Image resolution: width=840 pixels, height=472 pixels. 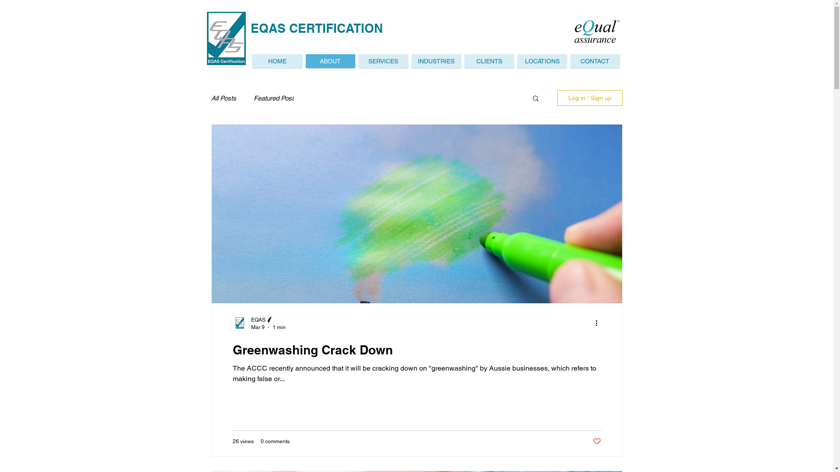 What do you see at coordinates (570, 60) in the screenshot?
I see `'CONTACT'` at bounding box center [570, 60].